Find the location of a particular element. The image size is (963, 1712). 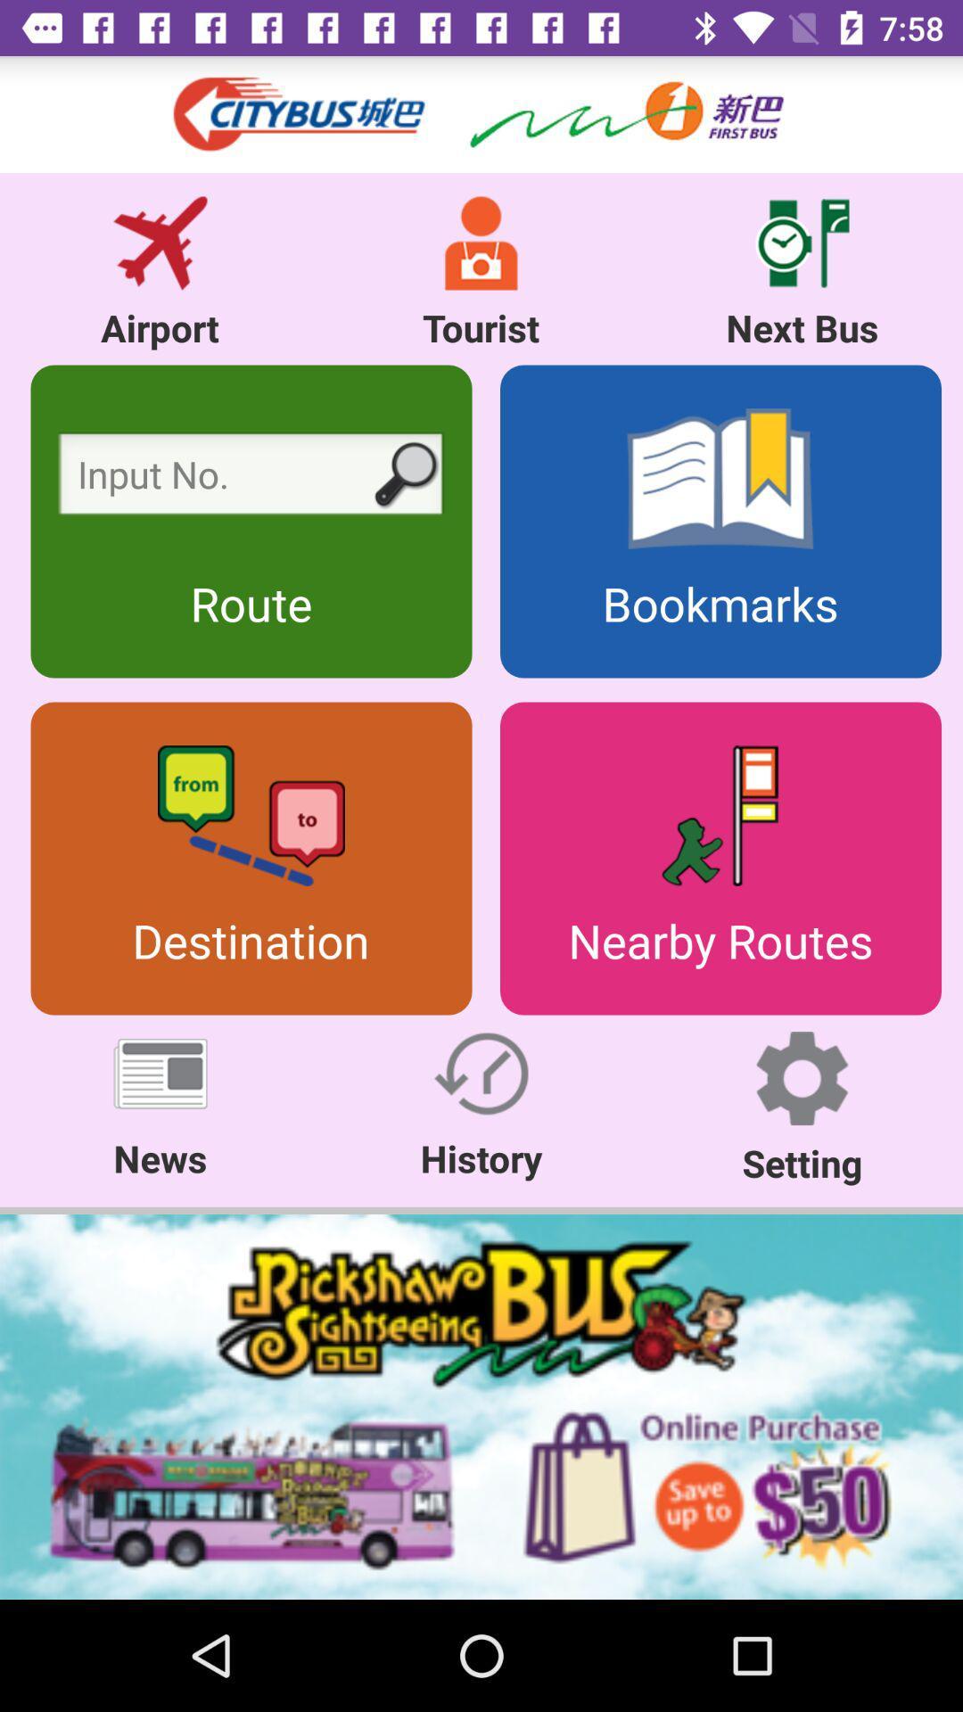

write no is located at coordinates (251, 479).